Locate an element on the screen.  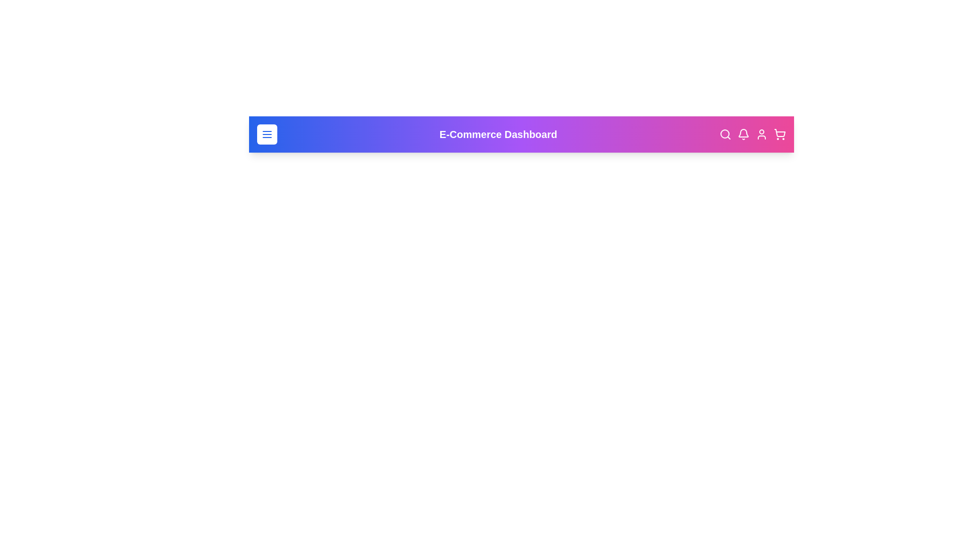
shopping cart icon to view the cart is located at coordinates (779, 133).